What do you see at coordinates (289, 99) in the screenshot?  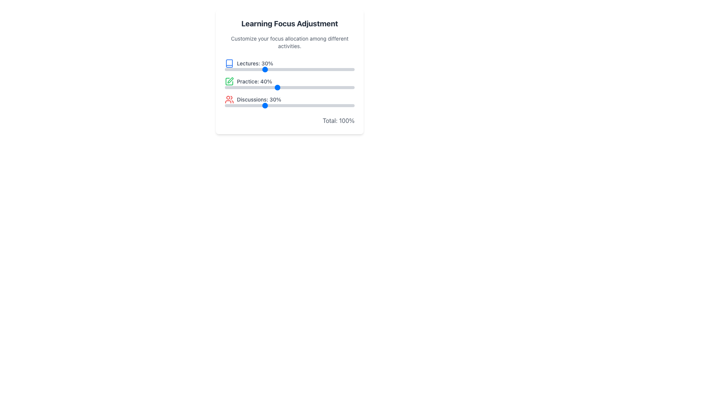 I see `the Information Display Block that shows 'Discussions: 30%' with a red icon representing a group of people, positioned below 'Learning Focus Adjustment.'` at bounding box center [289, 99].